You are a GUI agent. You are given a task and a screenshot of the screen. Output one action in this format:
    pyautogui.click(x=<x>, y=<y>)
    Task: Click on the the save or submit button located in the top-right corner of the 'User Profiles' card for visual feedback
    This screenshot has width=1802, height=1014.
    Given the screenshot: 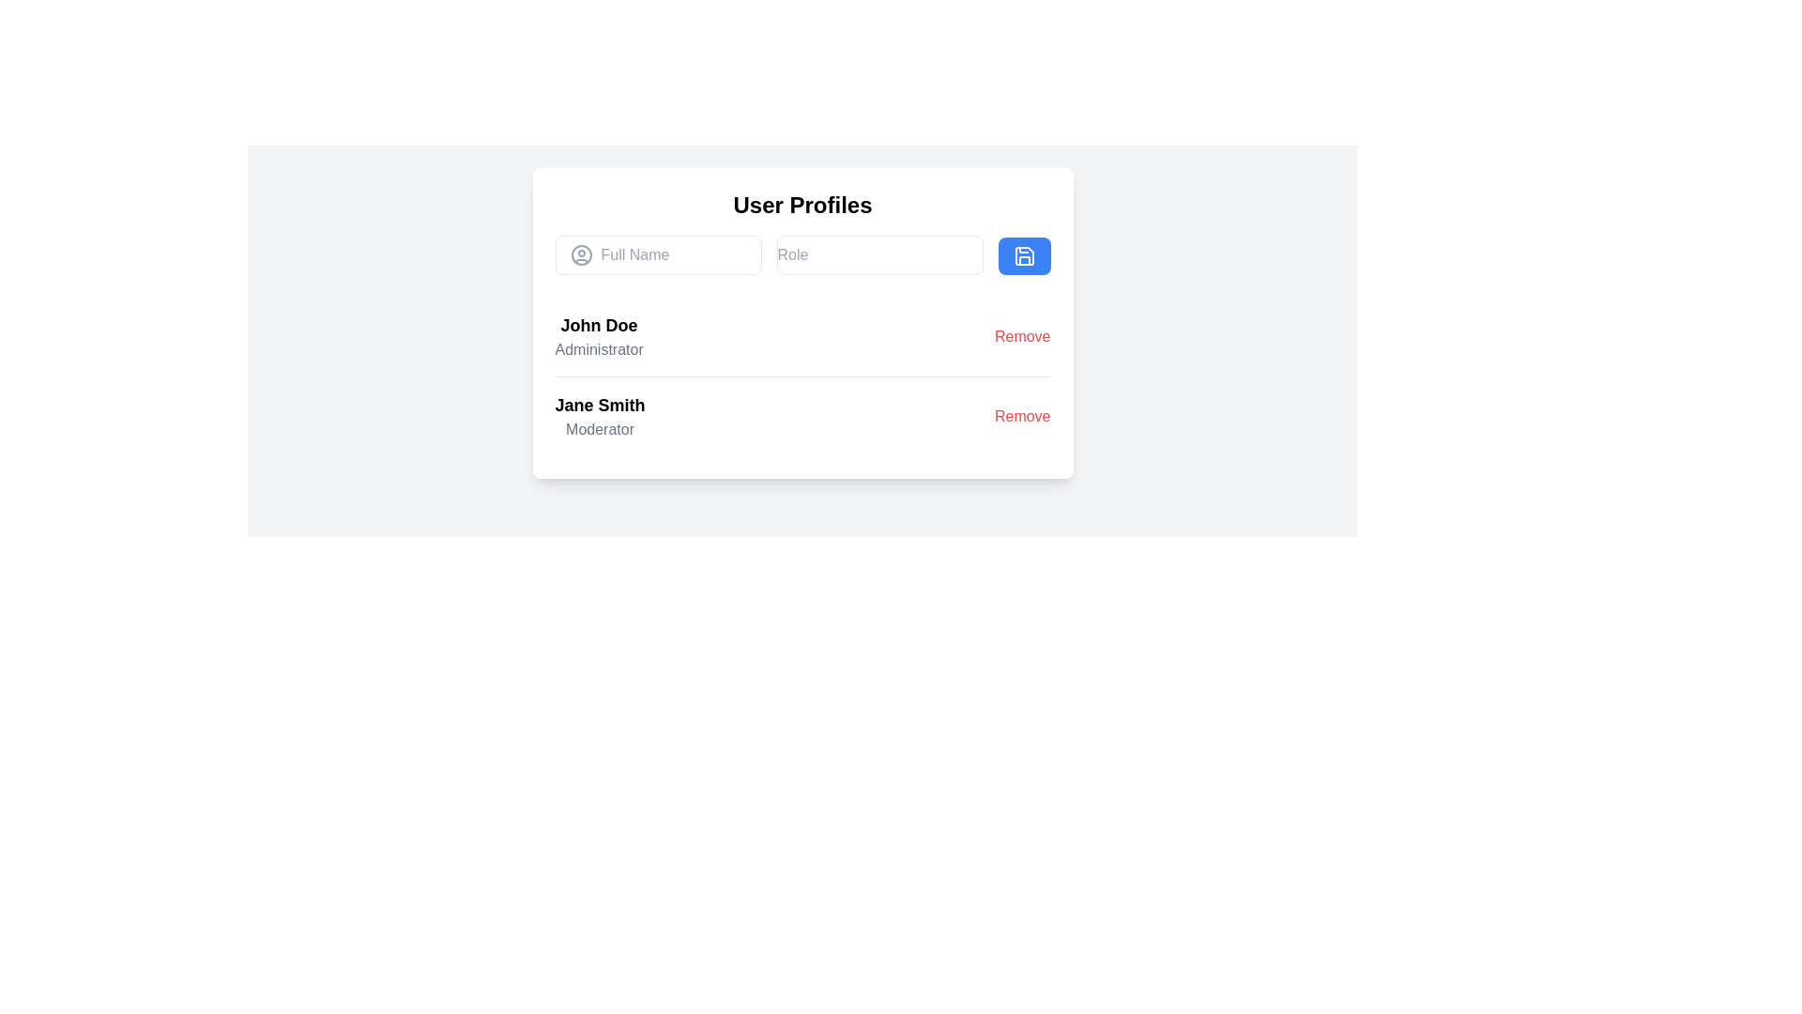 What is the action you would take?
    pyautogui.click(x=1023, y=256)
    